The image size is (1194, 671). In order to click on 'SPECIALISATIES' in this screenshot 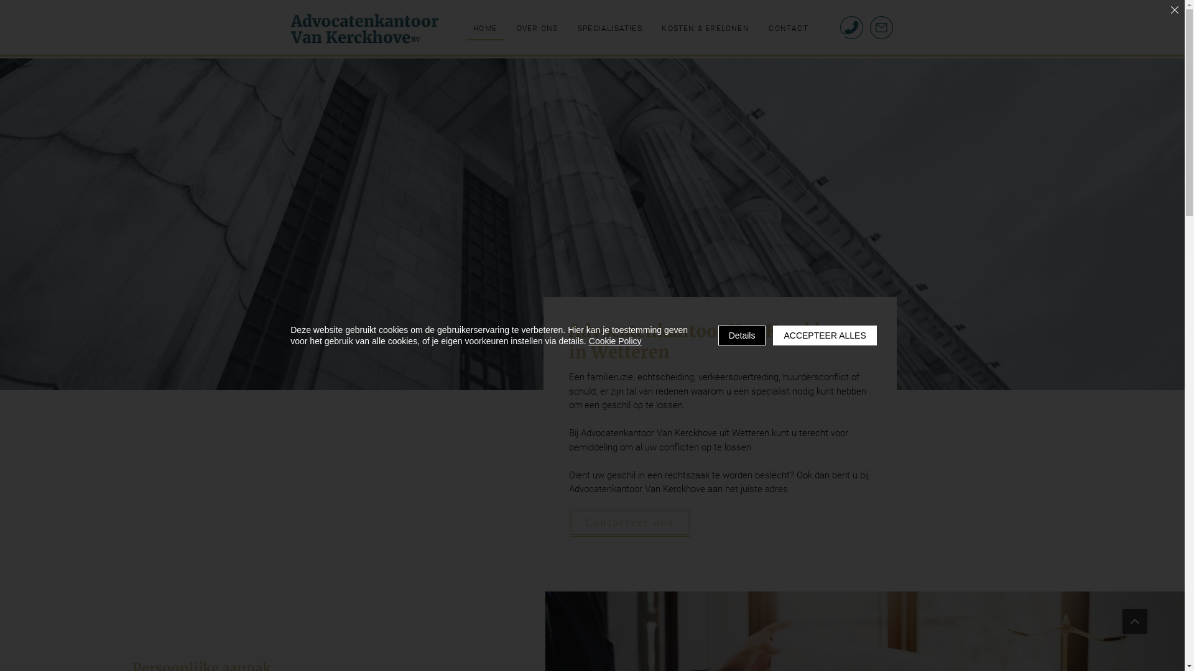, I will do `click(609, 28)`.